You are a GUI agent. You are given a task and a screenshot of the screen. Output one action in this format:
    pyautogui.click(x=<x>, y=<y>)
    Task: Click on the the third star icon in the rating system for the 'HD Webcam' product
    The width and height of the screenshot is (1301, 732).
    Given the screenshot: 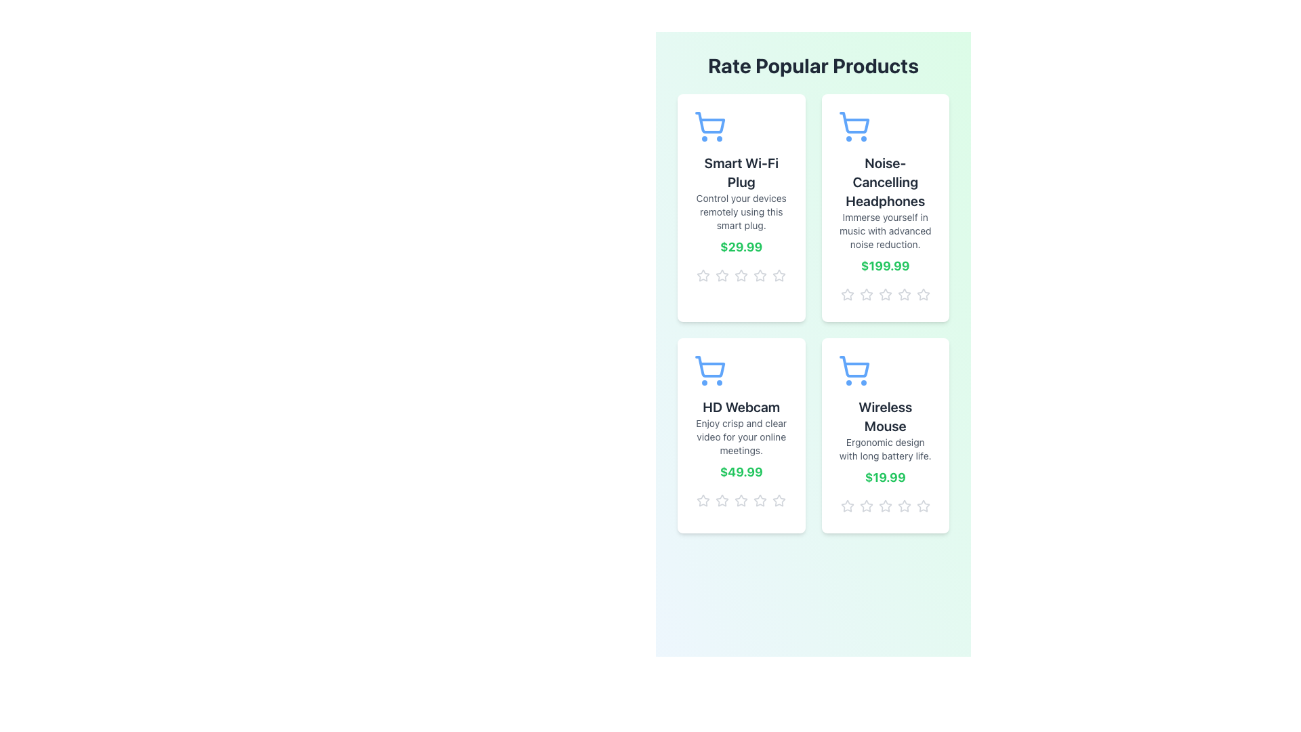 What is the action you would take?
    pyautogui.click(x=722, y=501)
    